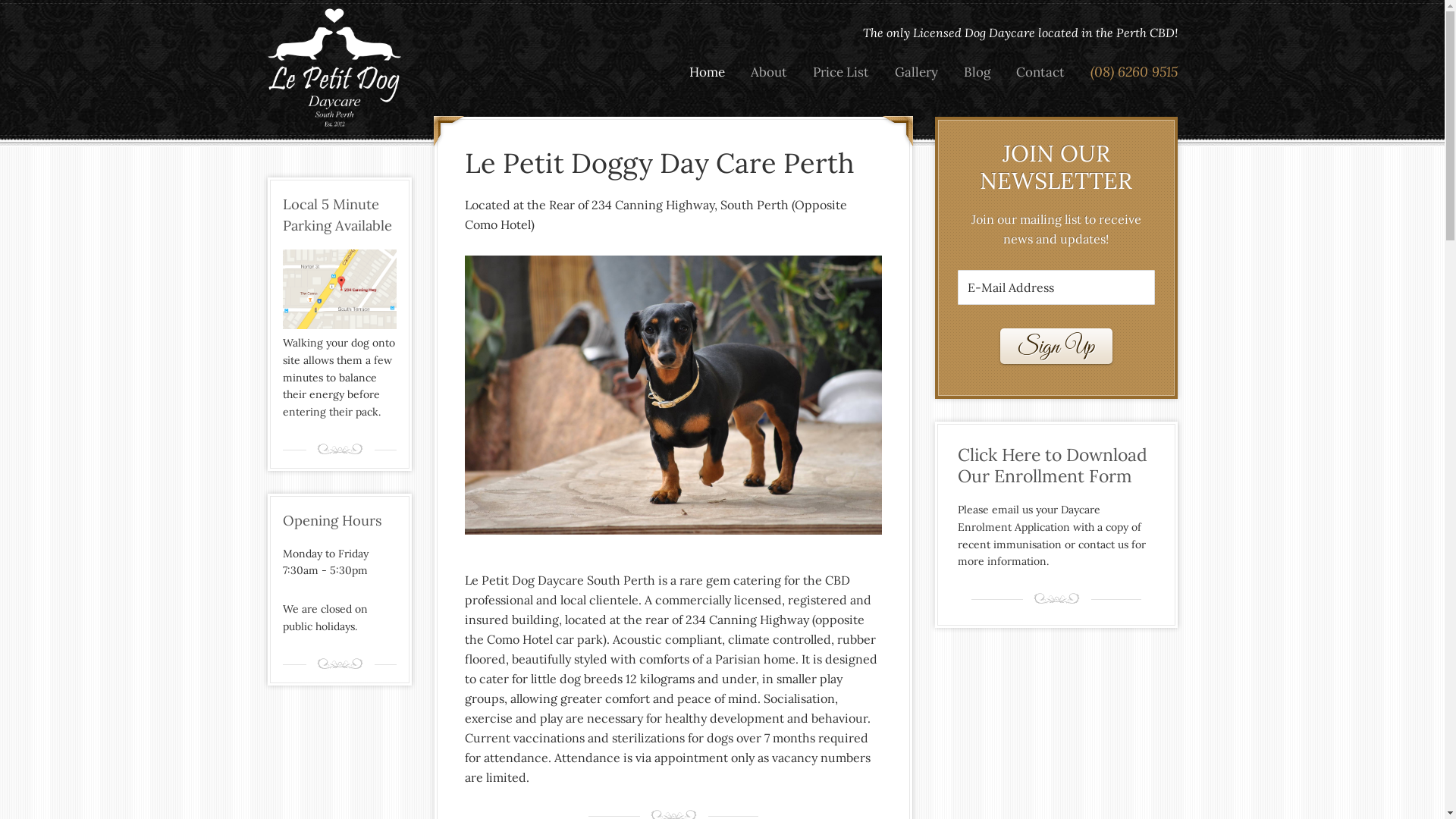 The height and width of the screenshot is (819, 1456). I want to click on 'Home', so click(706, 72).